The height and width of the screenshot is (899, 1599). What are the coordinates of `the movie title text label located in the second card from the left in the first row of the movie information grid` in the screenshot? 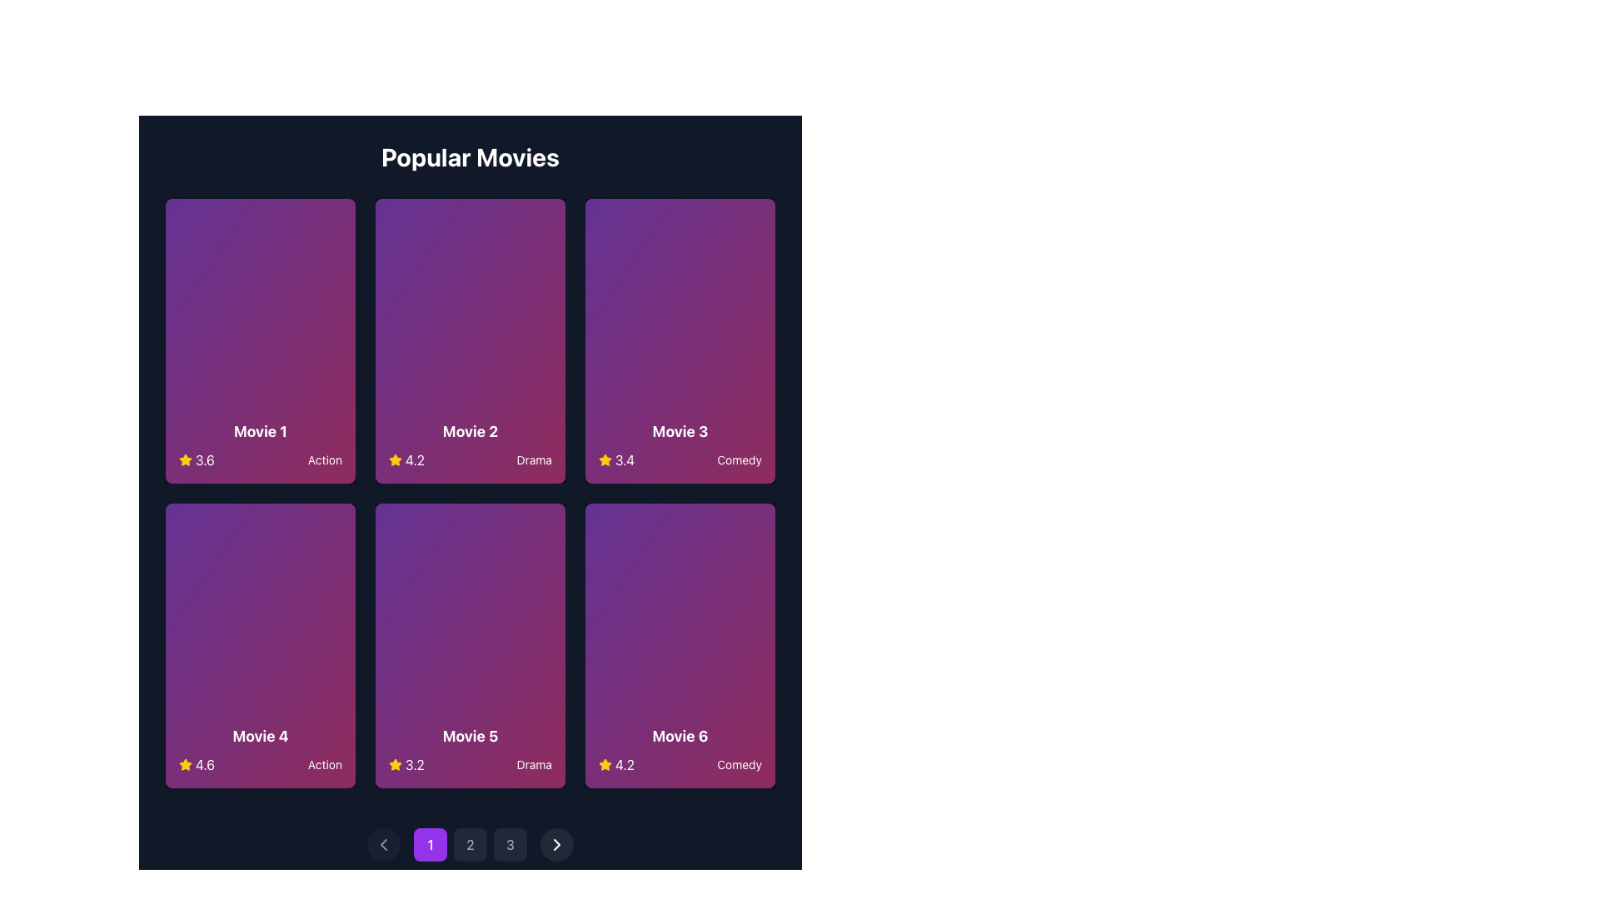 It's located at (470, 431).